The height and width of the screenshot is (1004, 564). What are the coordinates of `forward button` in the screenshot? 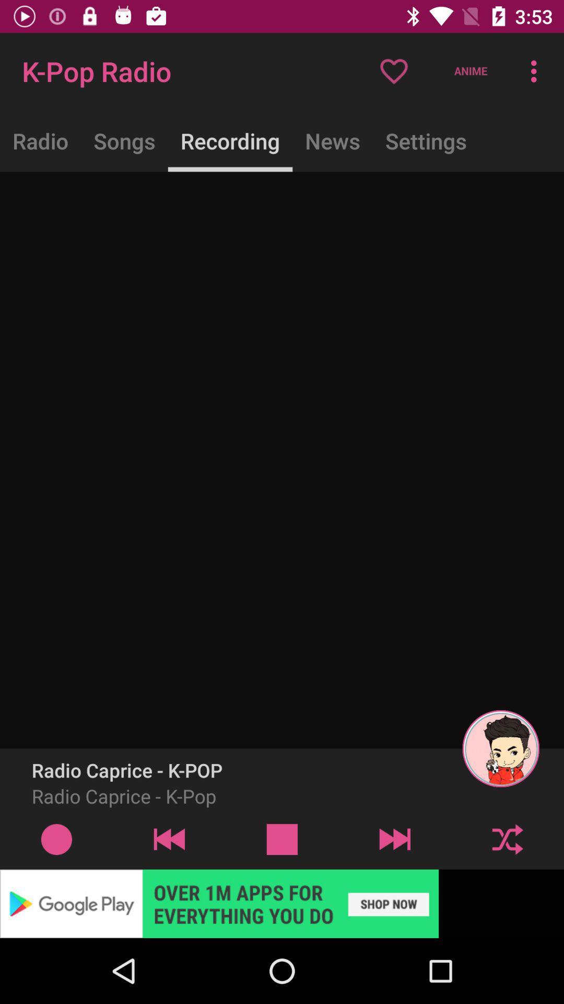 It's located at (395, 839).